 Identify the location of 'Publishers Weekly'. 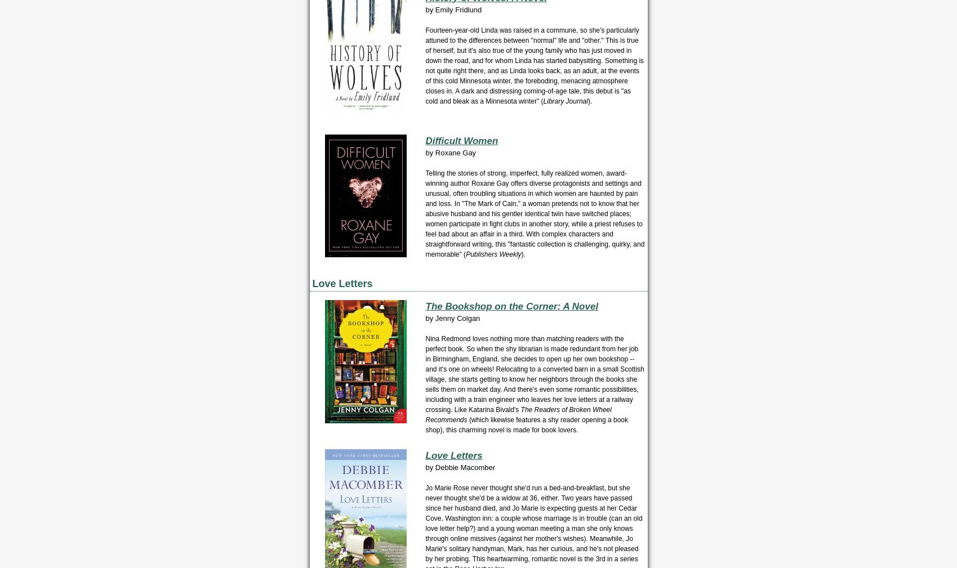
(493, 253).